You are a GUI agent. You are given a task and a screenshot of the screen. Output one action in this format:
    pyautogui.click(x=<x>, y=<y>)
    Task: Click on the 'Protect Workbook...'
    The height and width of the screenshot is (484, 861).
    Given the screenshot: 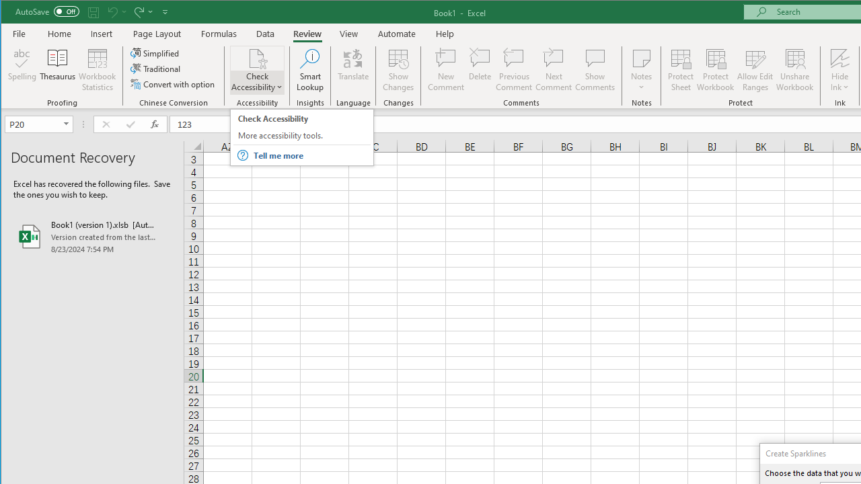 What is the action you would take?
    pyautogui.click(x=715, y=70)
    